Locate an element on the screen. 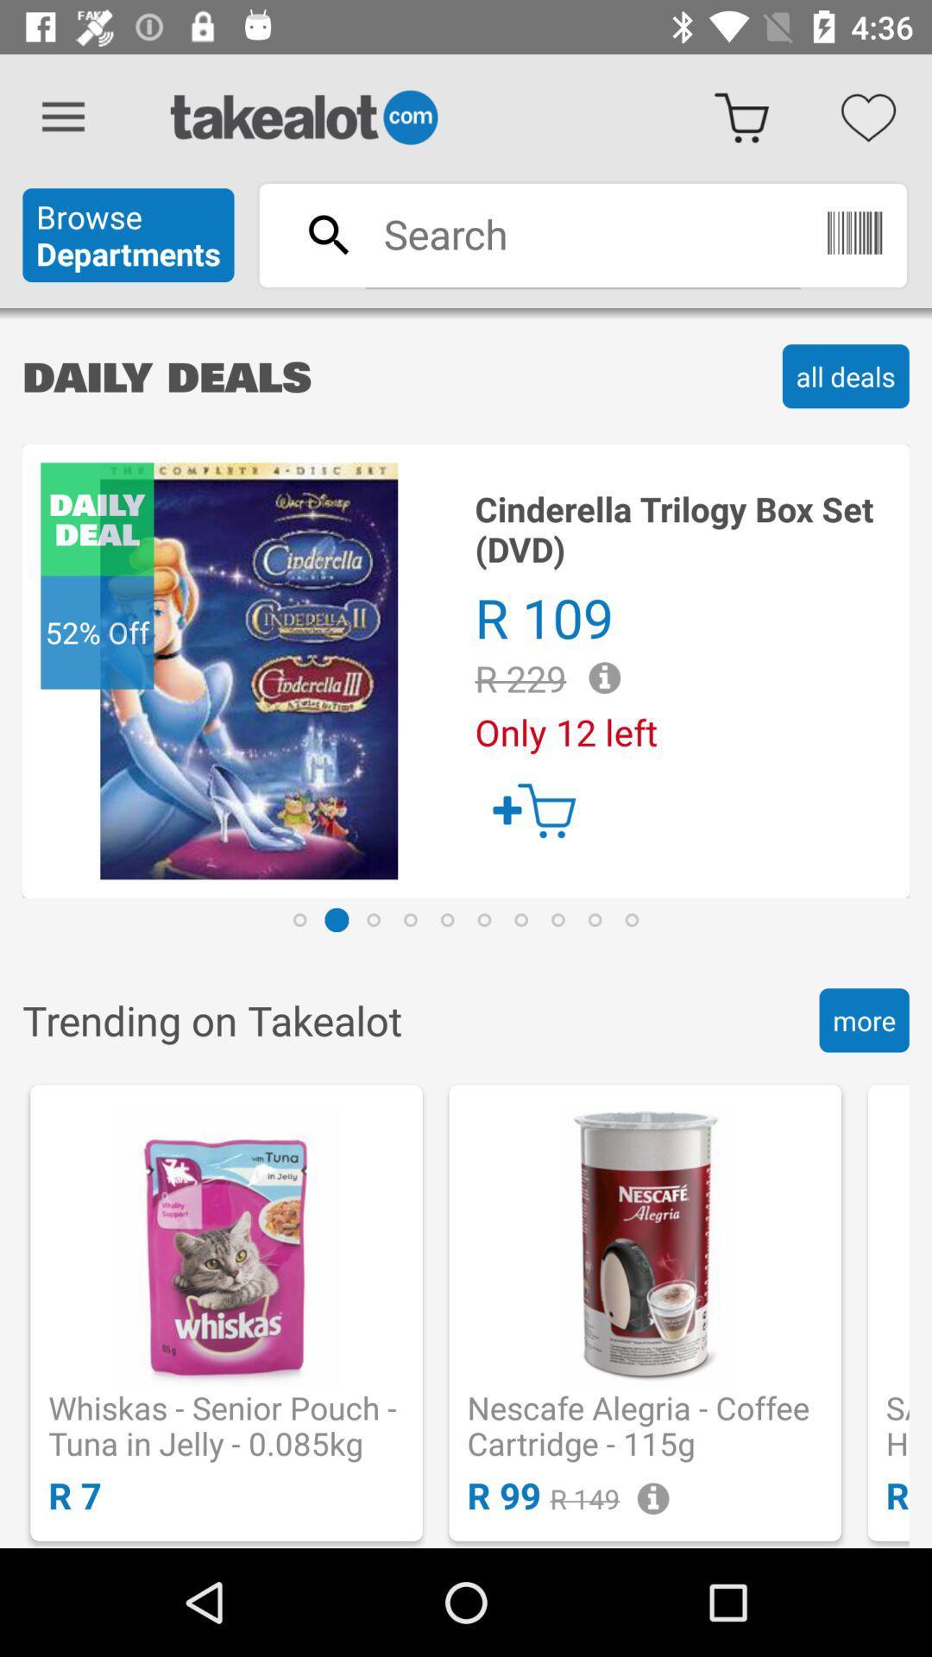  type in search terms is located at coordinates (582, 233).